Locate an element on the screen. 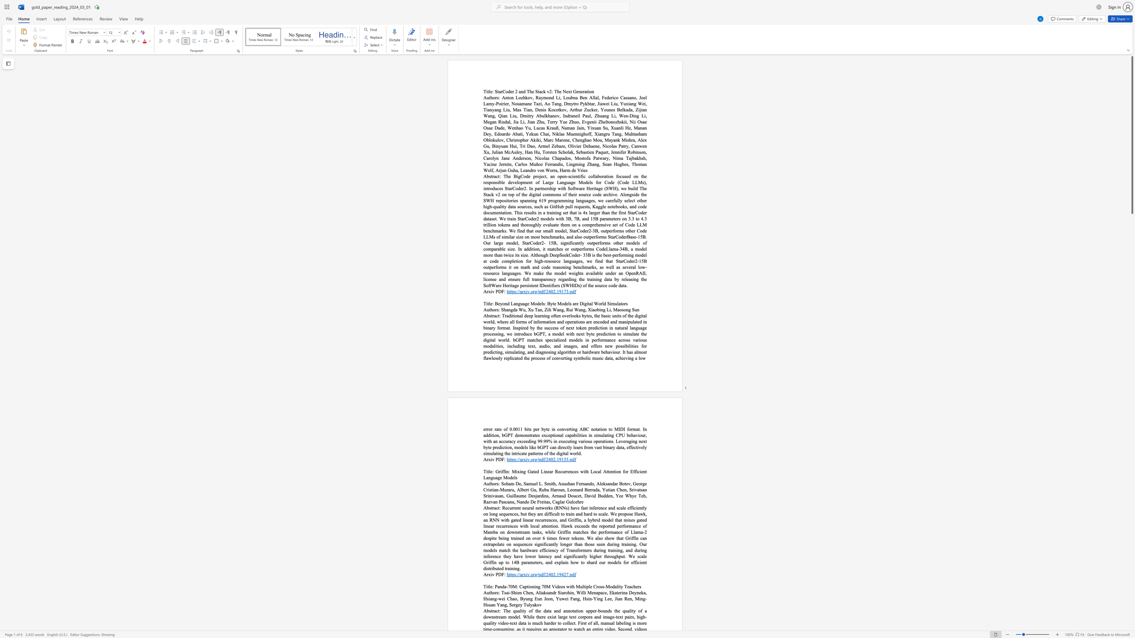  the right-hand scrollbar to descend the page is located at coordinates (1131, 365).